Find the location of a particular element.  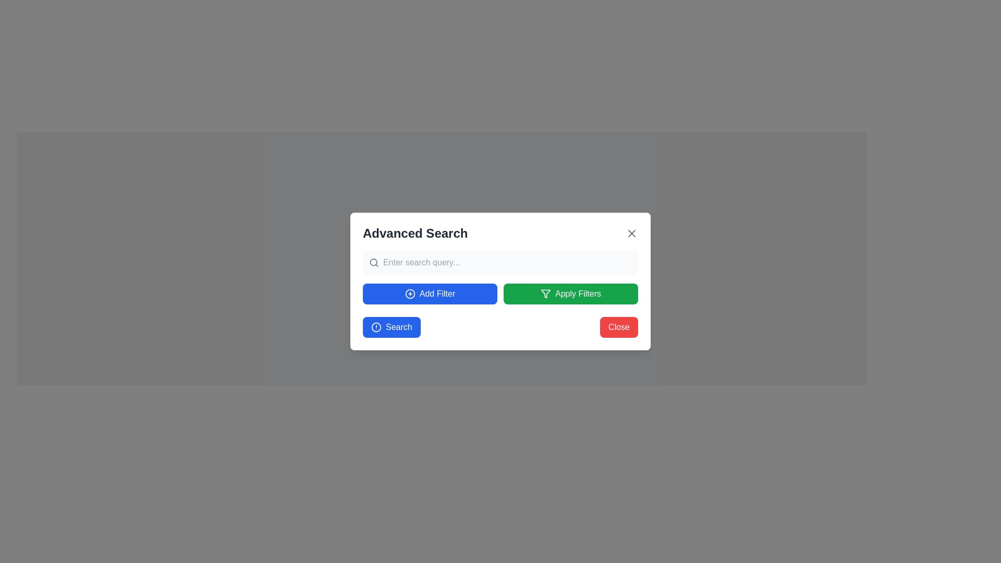

the green 'Apply Filters' button with rounded corners located in the 'Advanced Search' dialog box to apply filters is located at coordinates (570, 293).